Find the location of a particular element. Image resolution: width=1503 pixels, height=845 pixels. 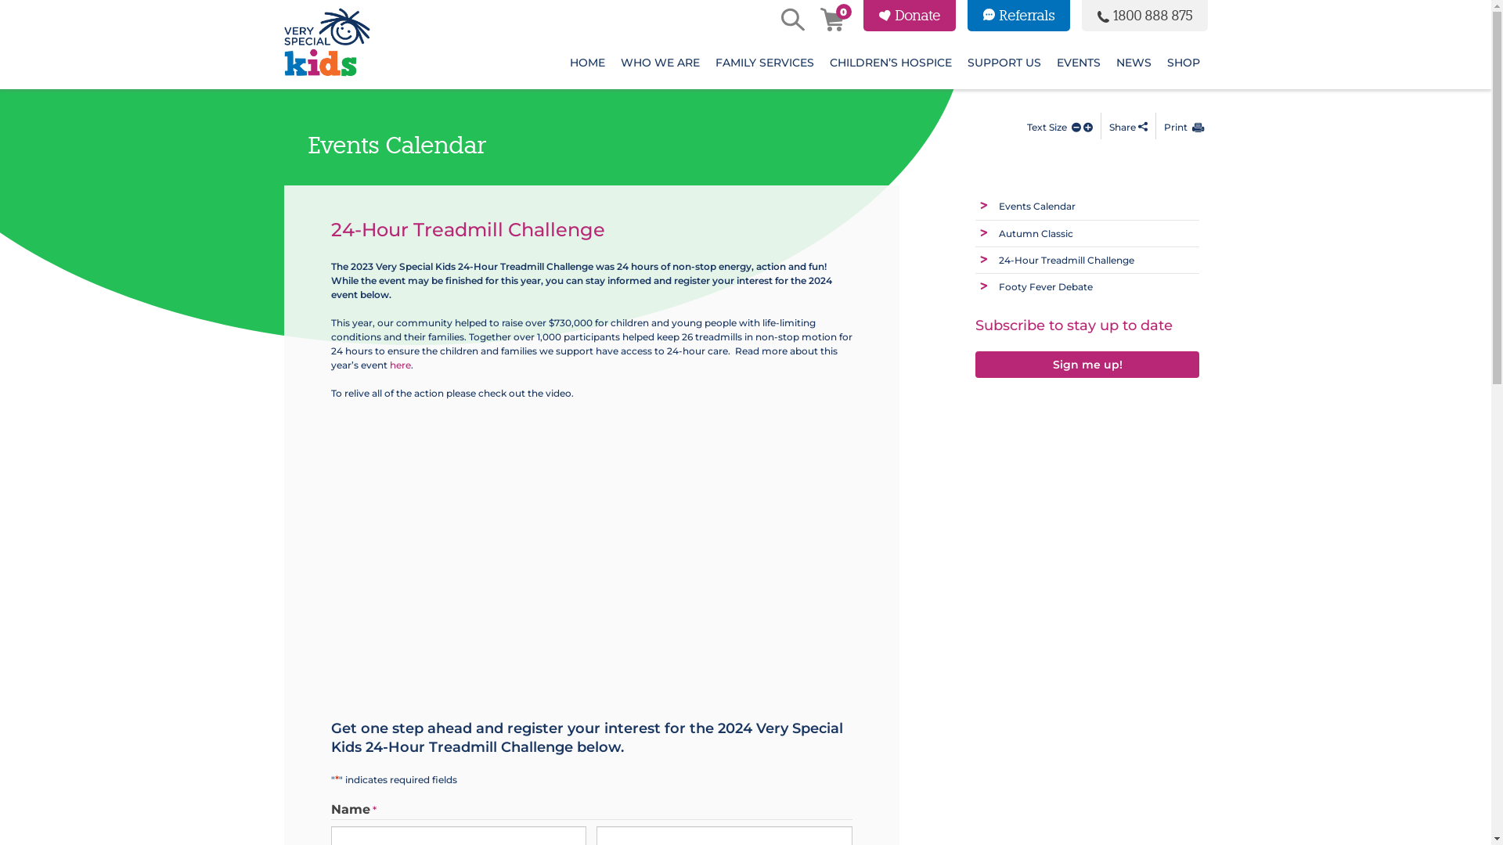

'here' is located at coordinates (400, 365).